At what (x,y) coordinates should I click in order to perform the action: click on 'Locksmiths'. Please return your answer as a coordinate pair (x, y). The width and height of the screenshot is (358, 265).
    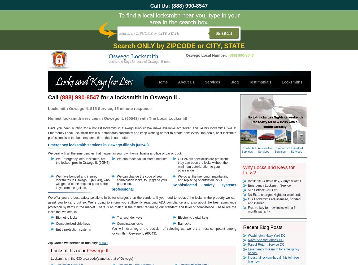
    Looking at the image, I should click on (282, 82).